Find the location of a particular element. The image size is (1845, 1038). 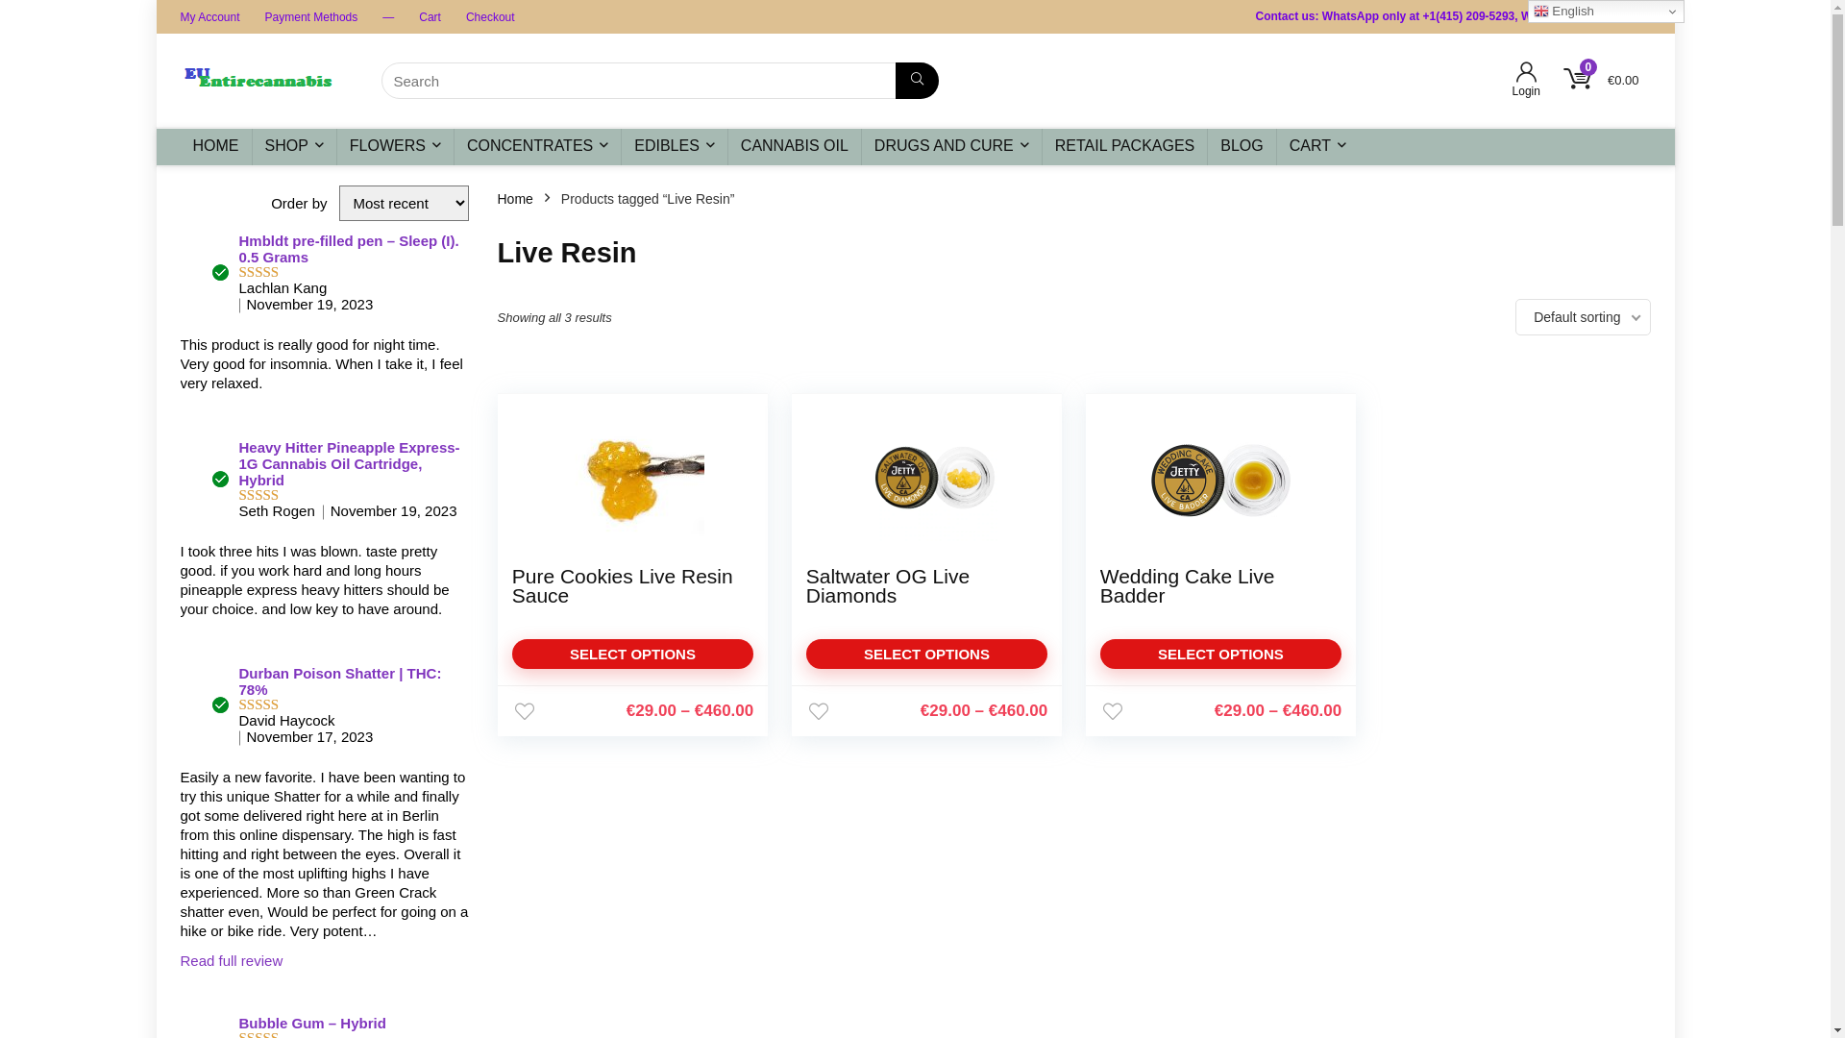

'DRUGS AND CURE' is located at coordinates (861, 146).